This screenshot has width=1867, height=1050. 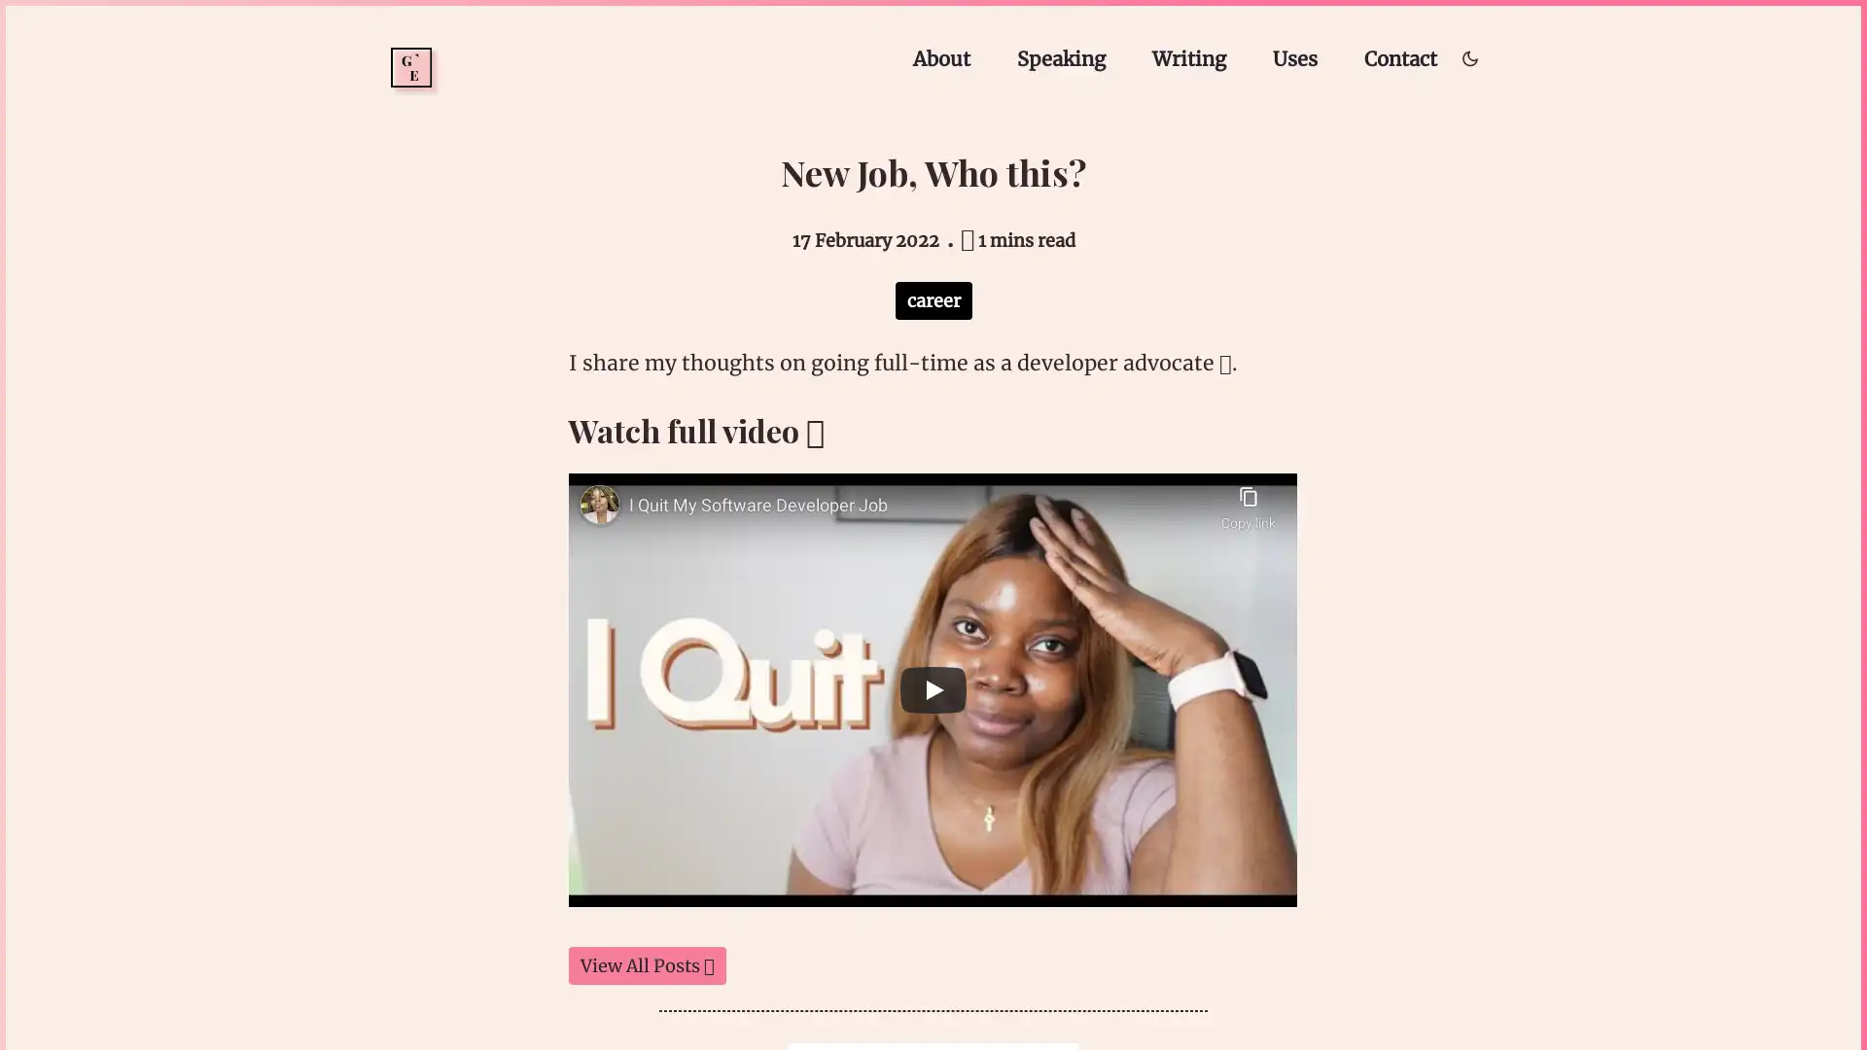 I want to click on Toggle dark/light, so click(x=1470, y=54).